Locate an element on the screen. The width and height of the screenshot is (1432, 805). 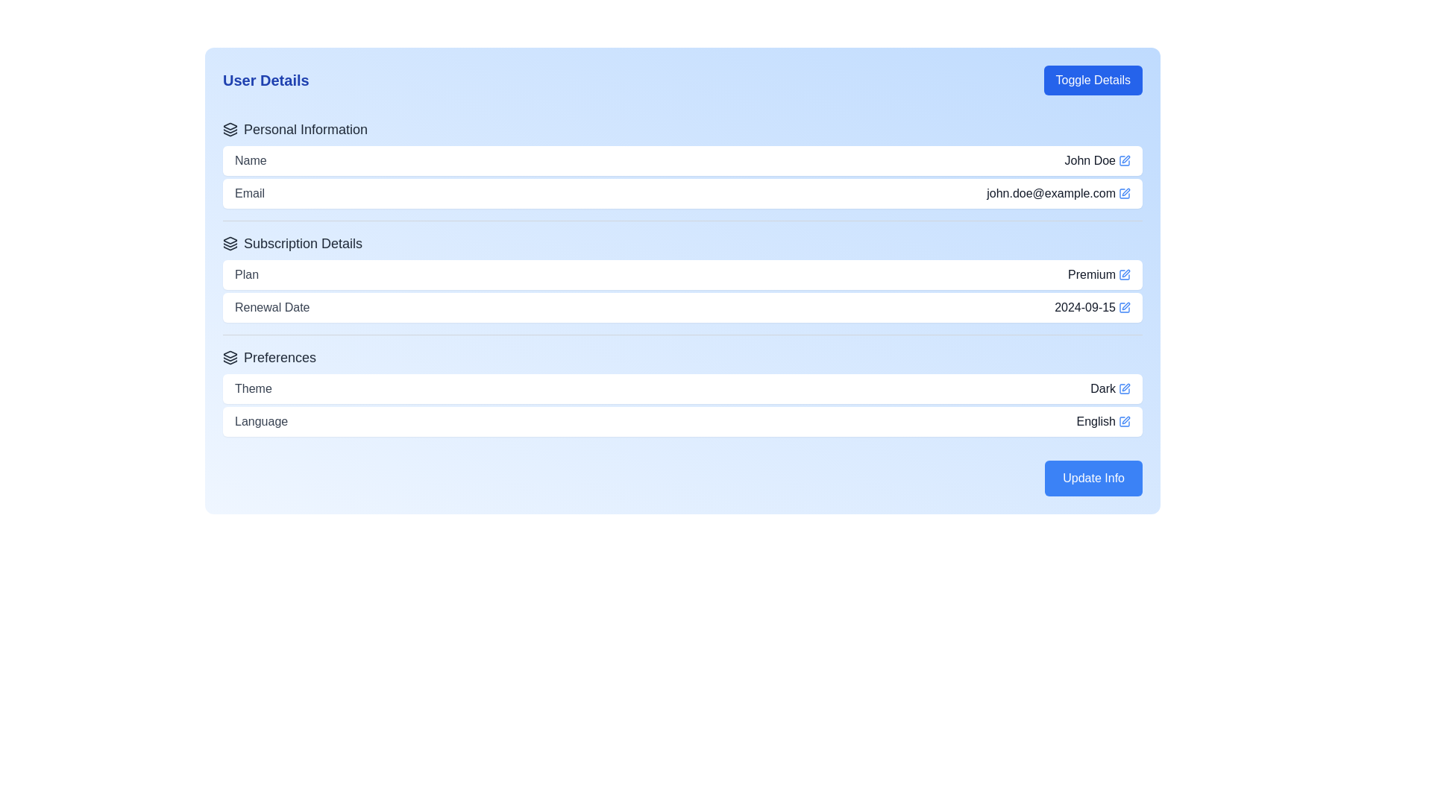
the blue square pen icon located to the direct right of the text '2024-09-15' is located at coordinates (1124, 306).